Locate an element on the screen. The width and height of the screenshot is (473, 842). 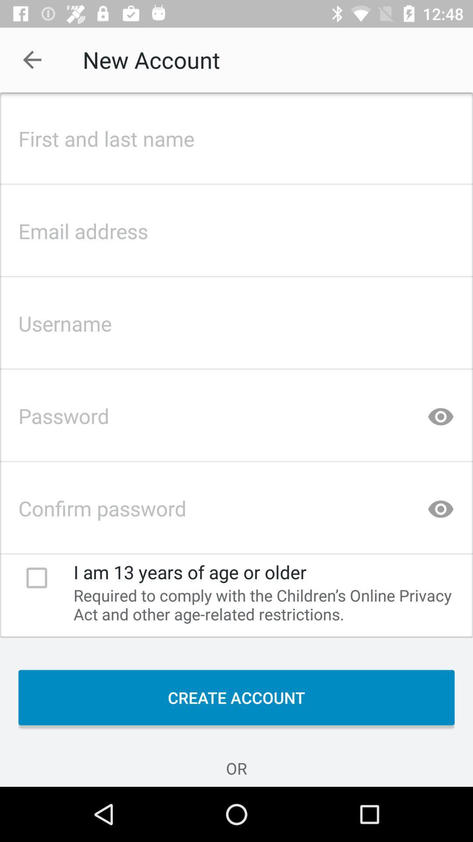
create account is located at coordinates (236, 697).